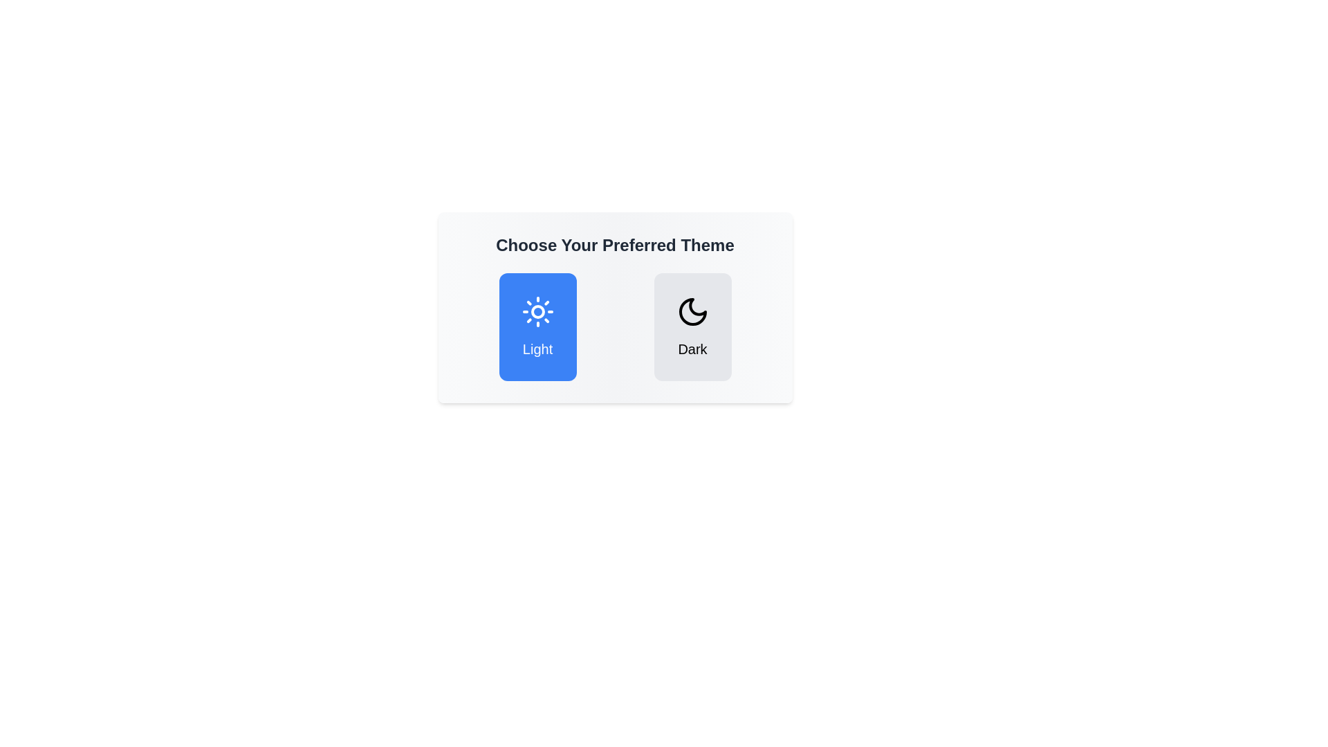  What do you see at coordinates (692, 327) in the screenshot?
I see `the 'Dark' button to select the Dark theme` at bounding box center [692, 327].